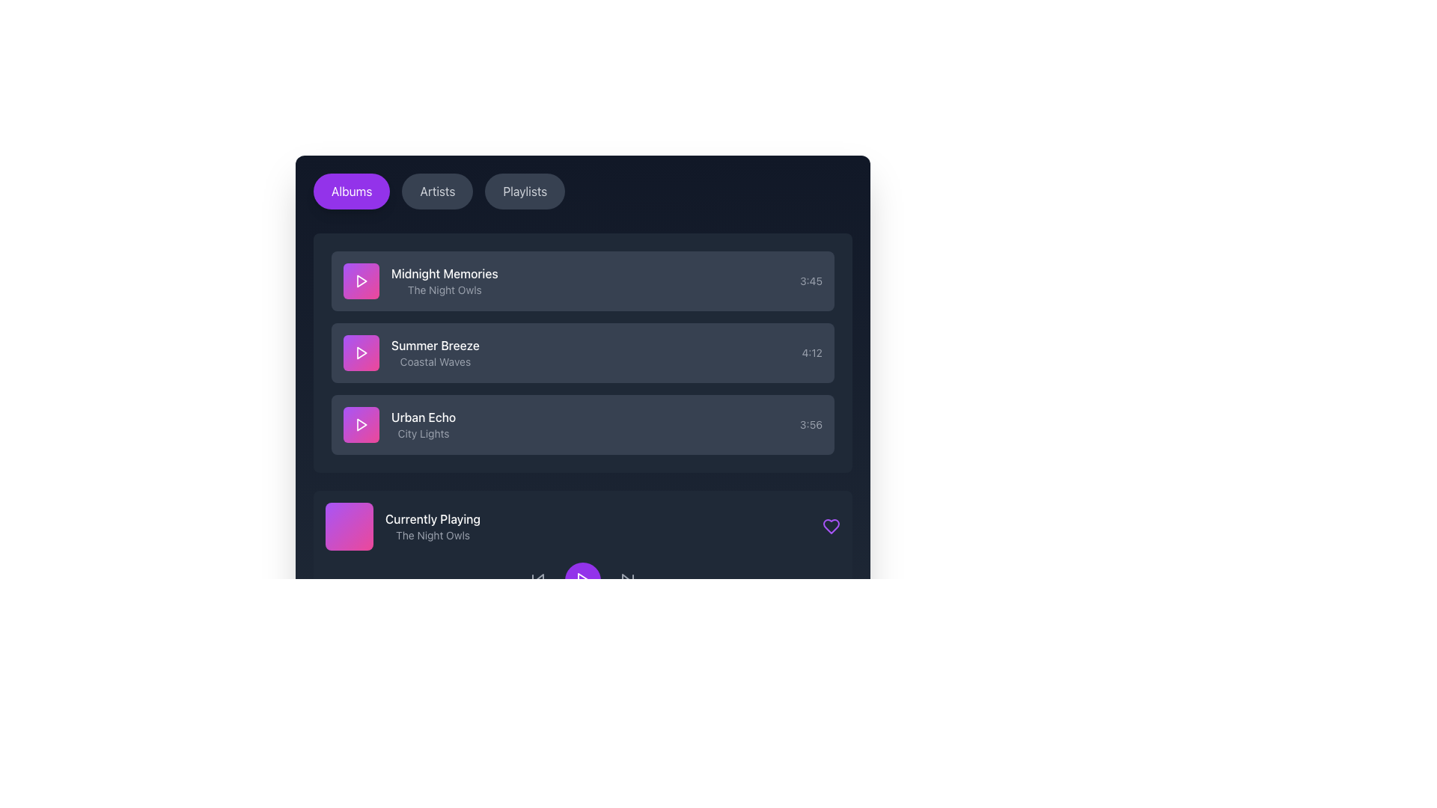 The image size is (1437, 808). I want to click on the text label displaying '4:12' in gray color, located at the far right end of the 'Summer Breeze' list item panel, so click(811, 352).